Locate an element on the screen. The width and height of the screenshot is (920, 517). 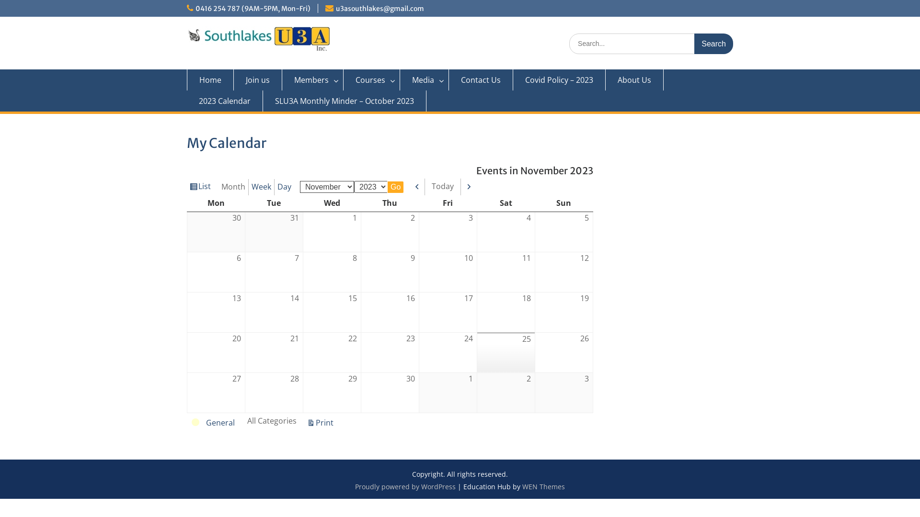
'About Us' is located at coordinates (605, 79).